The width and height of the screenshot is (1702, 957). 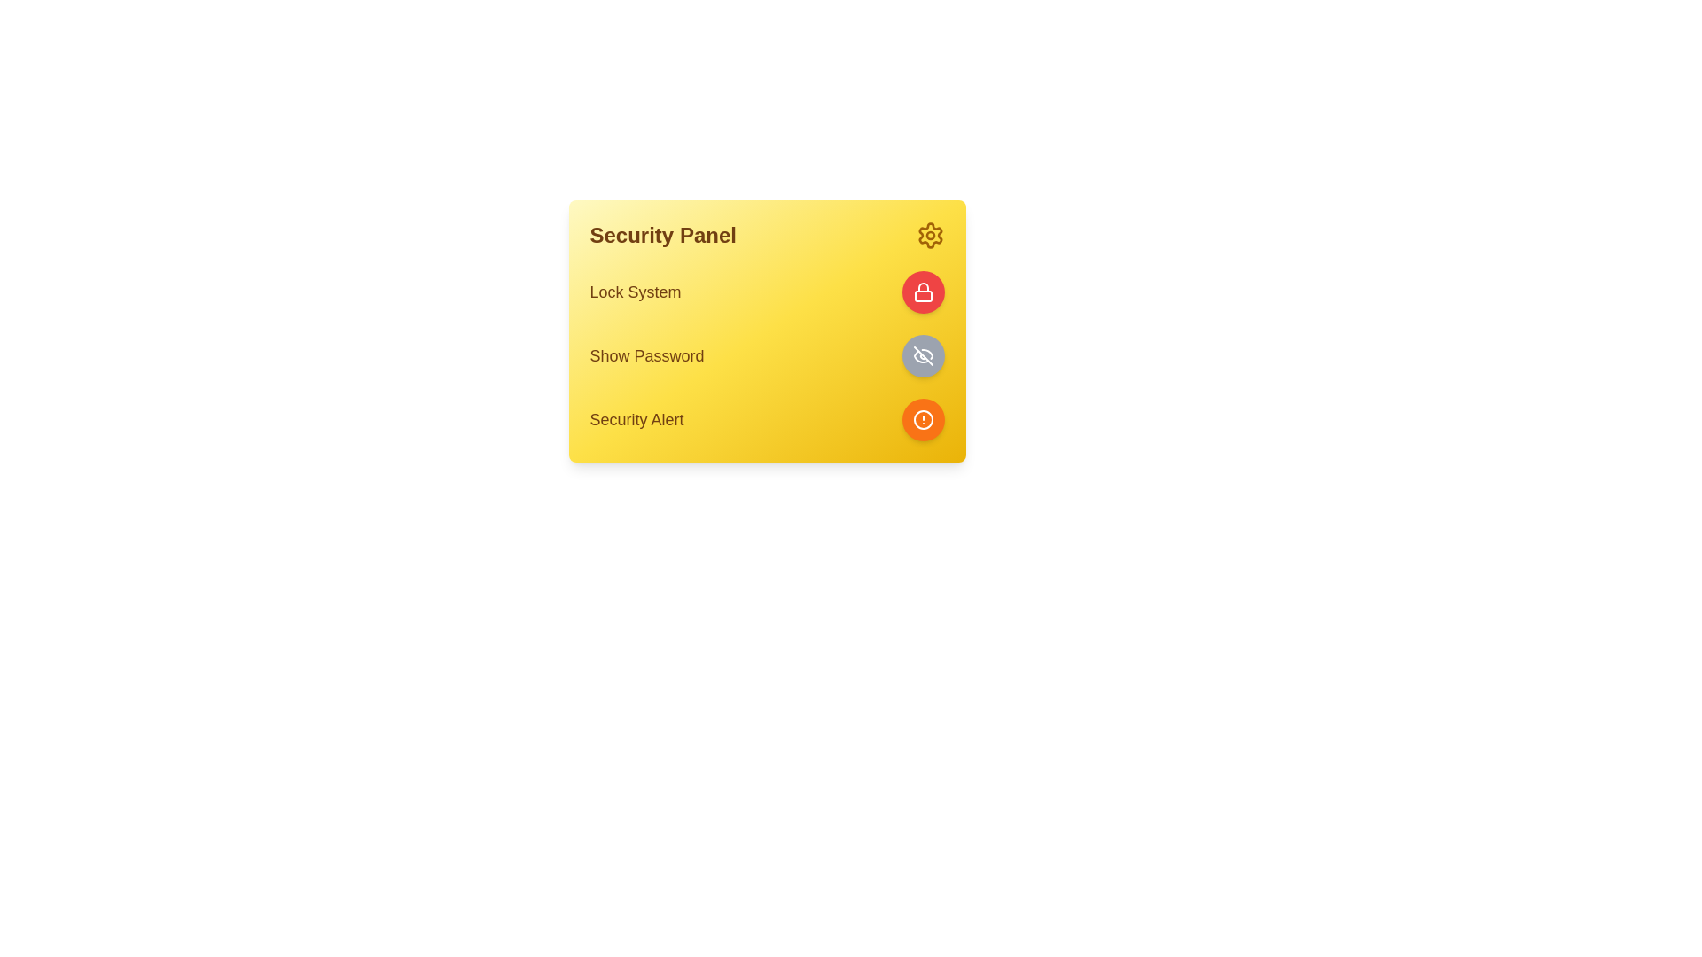 I want to click on the 'Show Password' text label, which is styled in bold dark yellow against a bright yellow background and is located to the left of the eye icon button, so click(x=645, y=355).